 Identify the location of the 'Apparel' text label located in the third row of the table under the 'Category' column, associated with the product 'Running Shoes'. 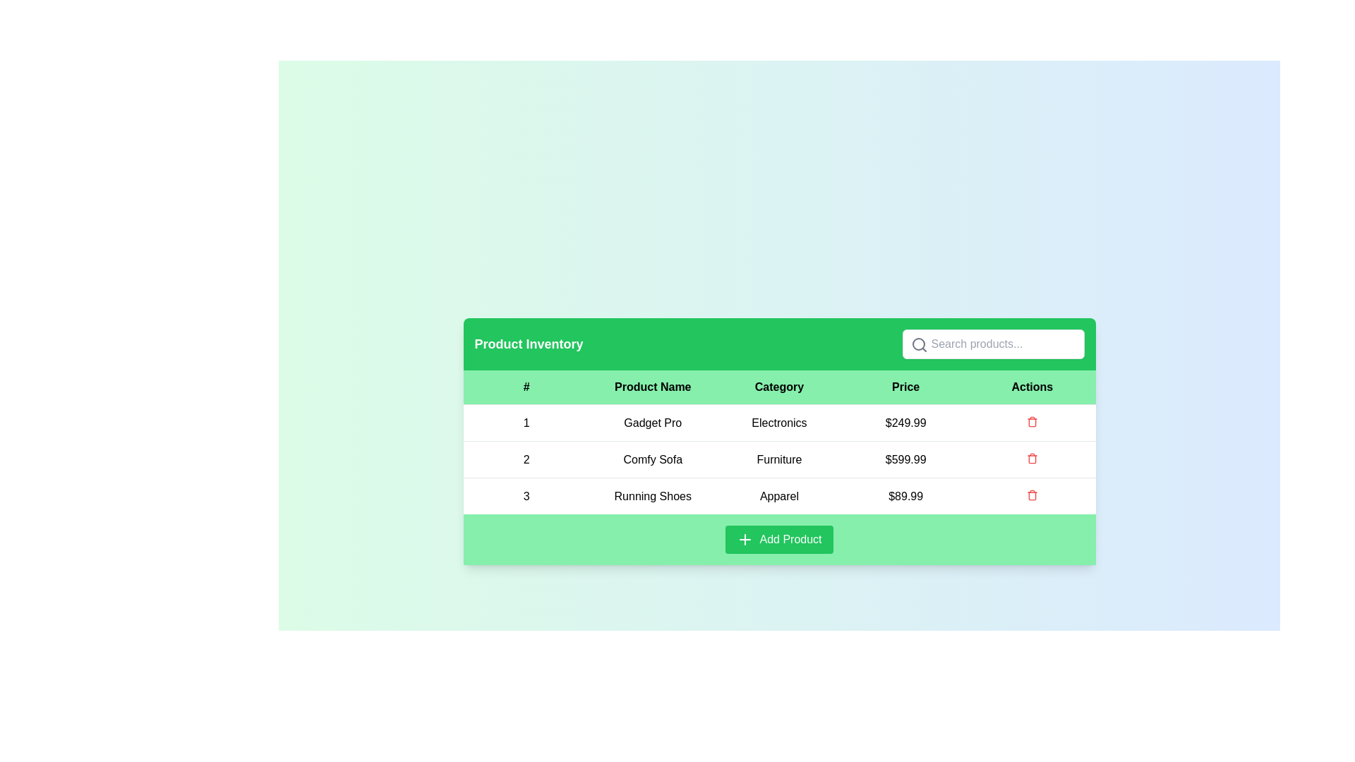
(778, 495).